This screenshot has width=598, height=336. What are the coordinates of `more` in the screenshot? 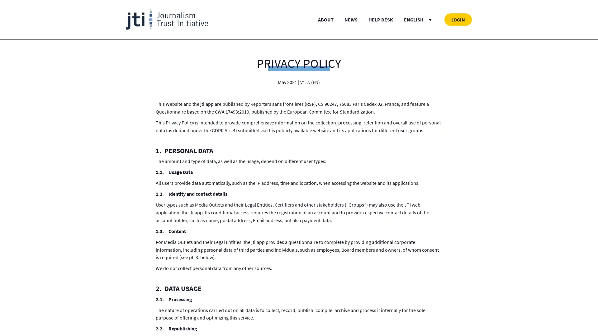 It's located at (254, 174).